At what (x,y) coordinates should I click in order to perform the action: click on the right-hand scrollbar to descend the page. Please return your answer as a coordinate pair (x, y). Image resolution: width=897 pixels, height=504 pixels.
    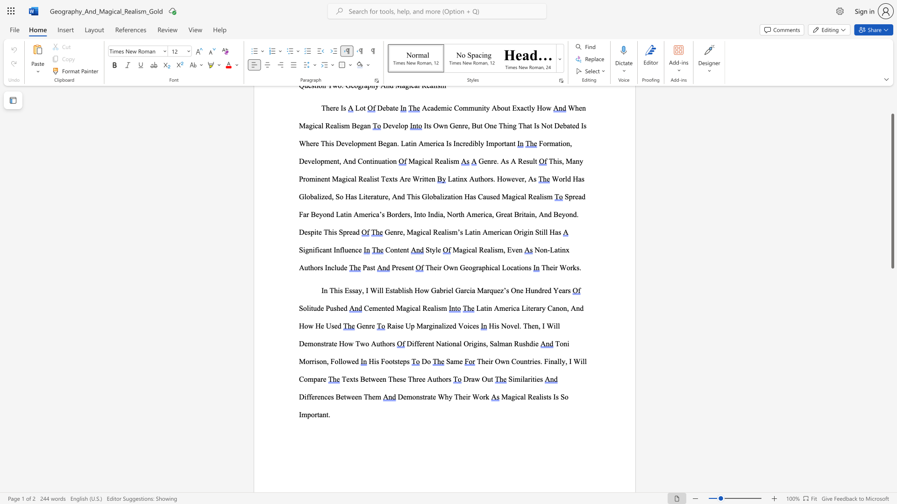
    Looking at the image, I should click on (892, 293).